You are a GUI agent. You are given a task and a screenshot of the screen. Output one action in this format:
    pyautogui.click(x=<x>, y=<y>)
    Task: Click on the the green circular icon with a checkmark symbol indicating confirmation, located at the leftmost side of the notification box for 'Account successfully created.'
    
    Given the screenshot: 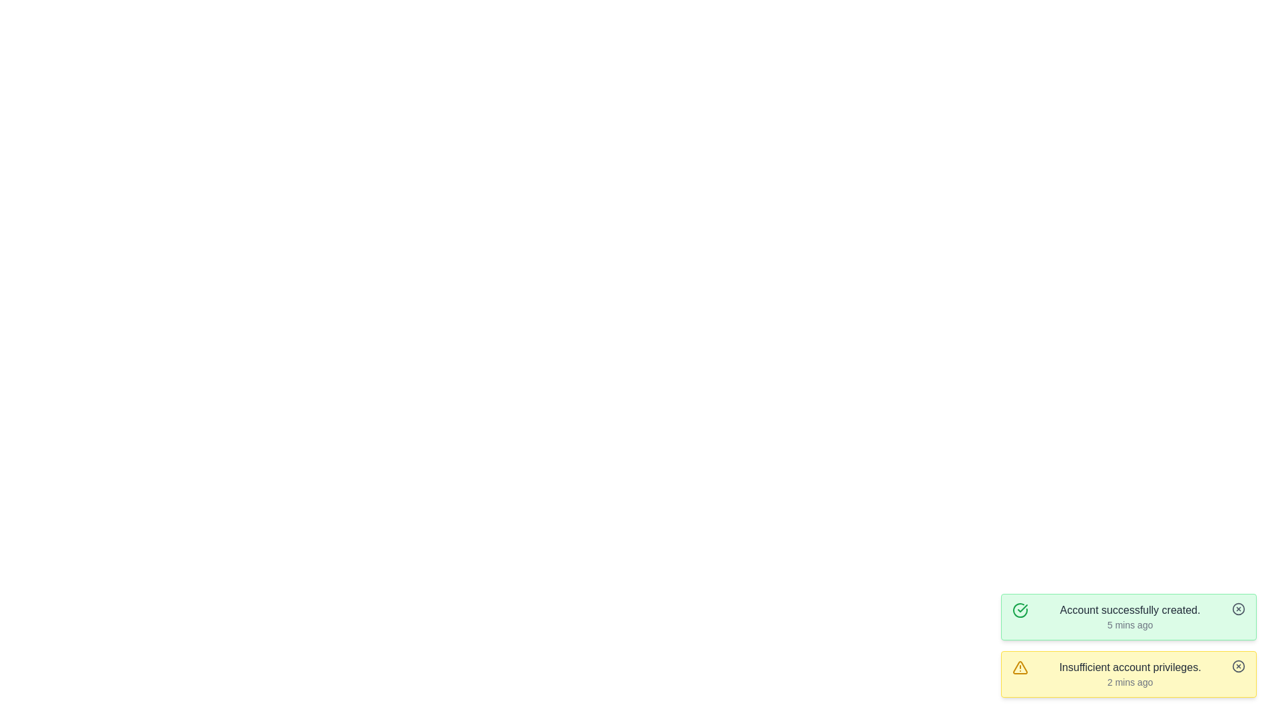 What is the action you would take?
    pyautogui.click(x=1019, y=610)
    